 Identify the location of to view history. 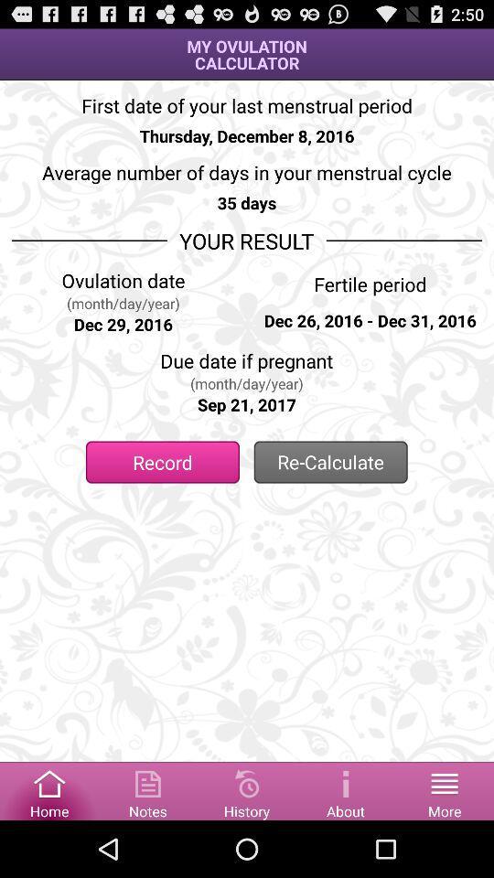
(247, 789).